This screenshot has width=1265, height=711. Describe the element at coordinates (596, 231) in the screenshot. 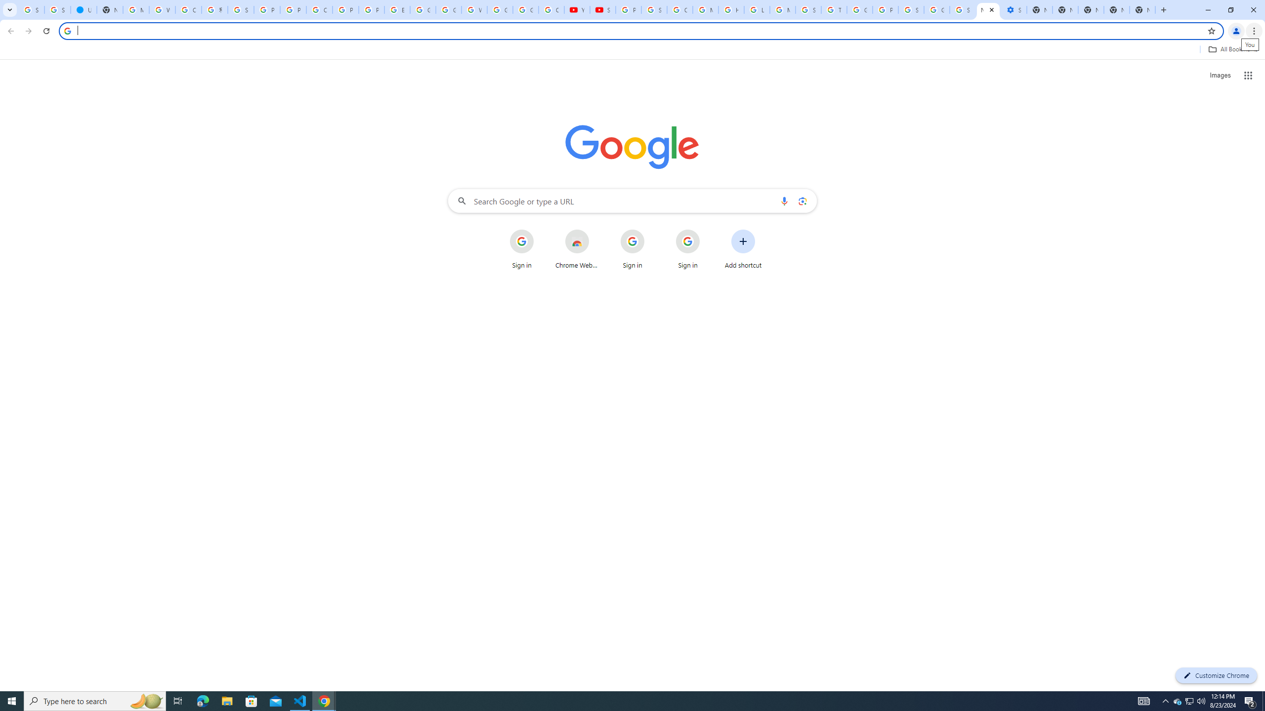

I see `'More actions for Chrome Web Store shortcut'` at that location.